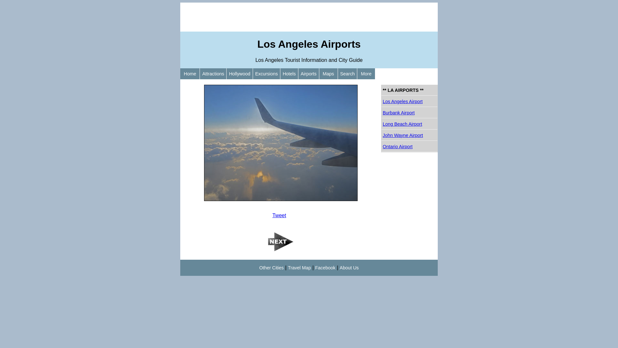 The width and height of the screenshot is (618, 348). I want to click on 'Long Beach Airport', so click(381, 124).